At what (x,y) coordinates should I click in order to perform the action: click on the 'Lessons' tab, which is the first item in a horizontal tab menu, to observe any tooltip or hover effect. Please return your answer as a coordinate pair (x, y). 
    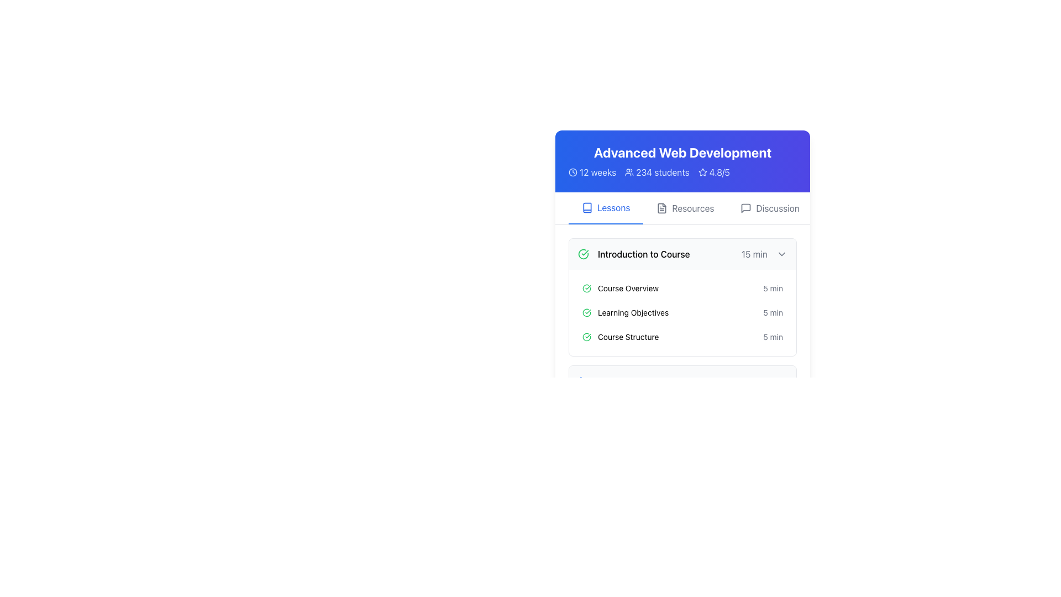
    Looking at the image, I should click on (605, 208).